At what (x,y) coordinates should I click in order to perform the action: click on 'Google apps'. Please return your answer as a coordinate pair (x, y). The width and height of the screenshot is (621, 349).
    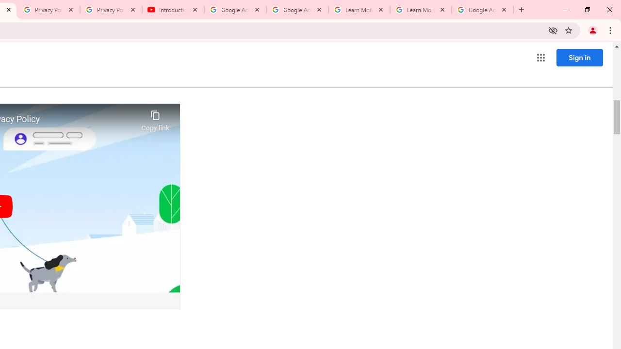
    Looking at the image, I should click on (540, 58).